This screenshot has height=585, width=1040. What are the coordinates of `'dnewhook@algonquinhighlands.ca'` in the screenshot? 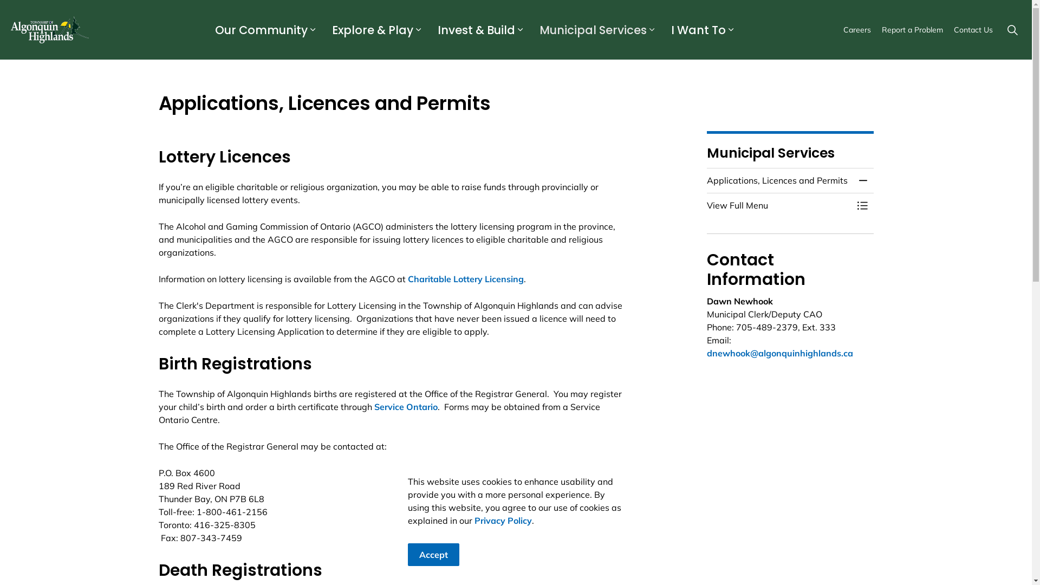 It's located at (780, 353).